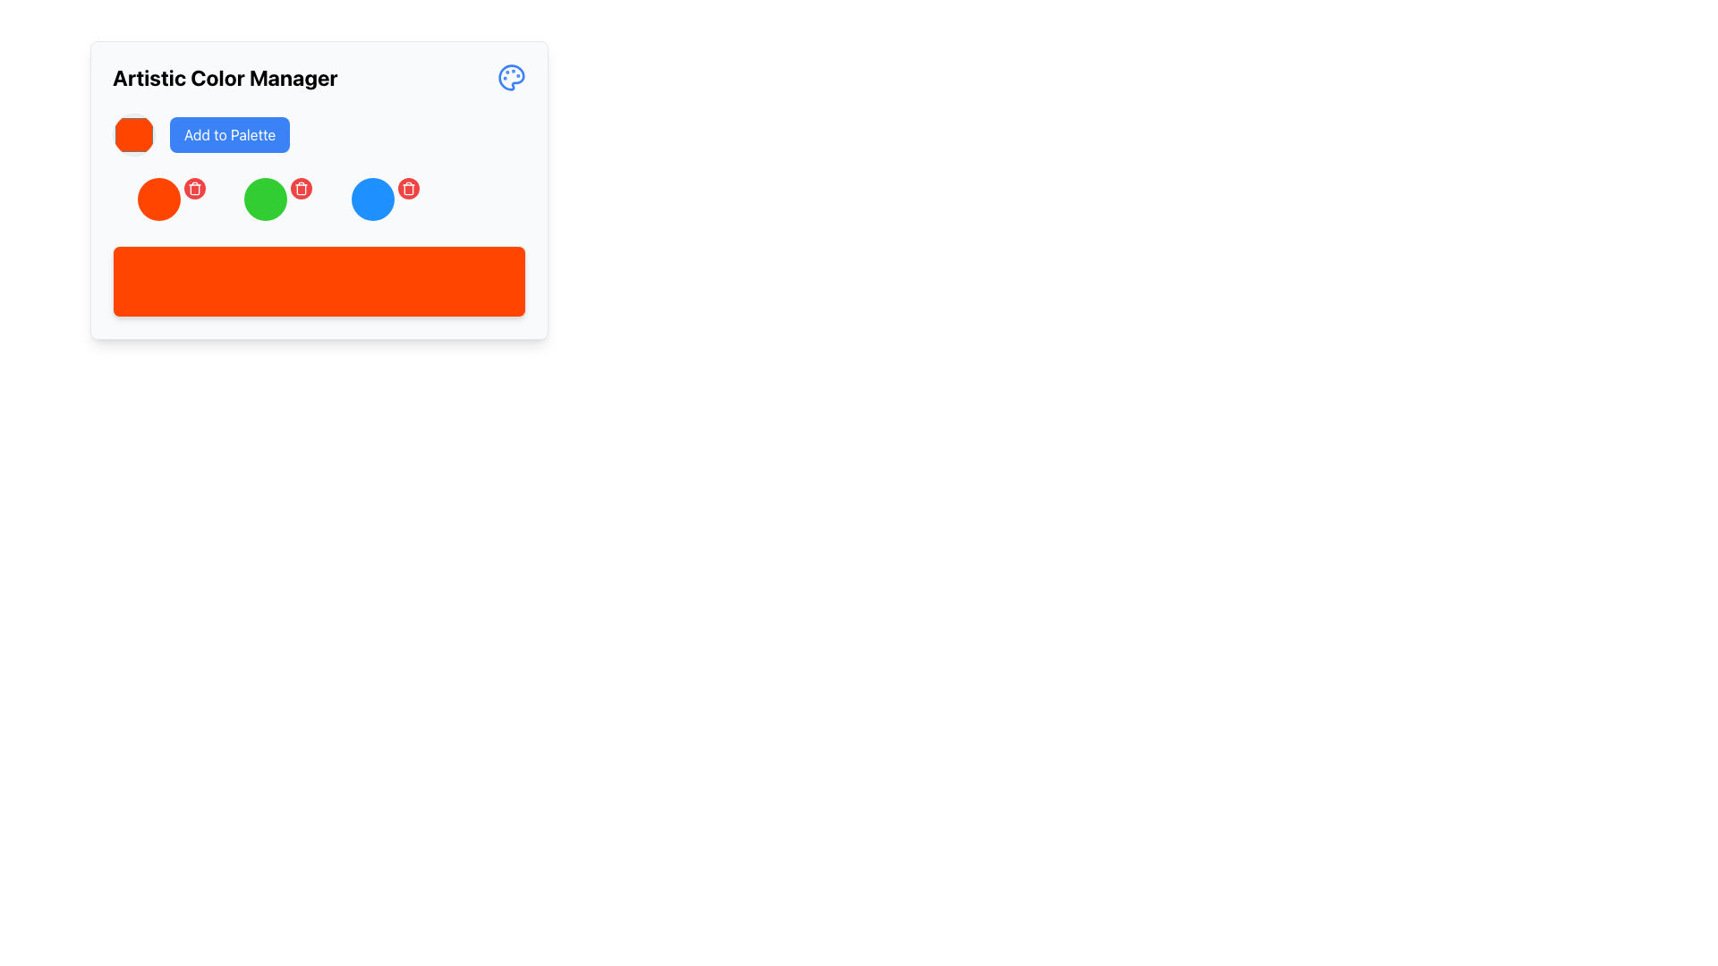 Image resolution: width=1718 pixels, height=966 pixels. Describe the element at coordinates (158, 200) in the screenshot. I see `the first circular color selector in the grid layout` at that location.